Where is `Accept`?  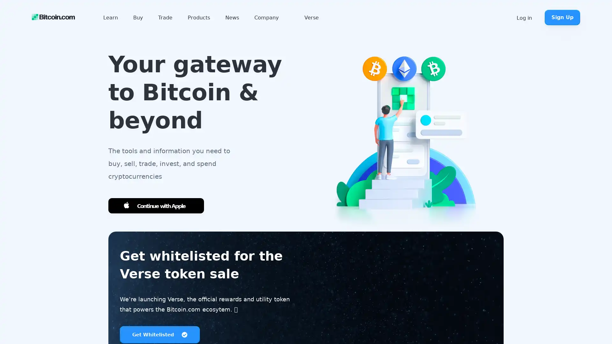
Accept is located at coordinates (535, 325).